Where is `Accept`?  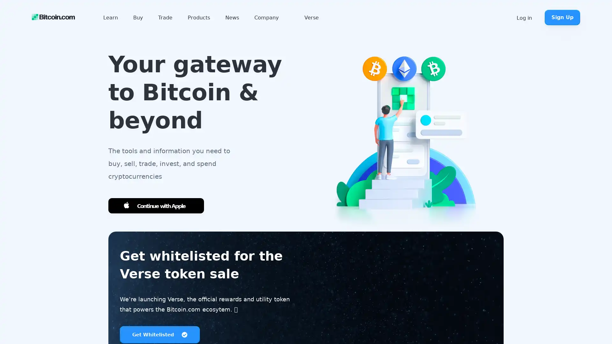
Accept is located at coordinates (535, 325).